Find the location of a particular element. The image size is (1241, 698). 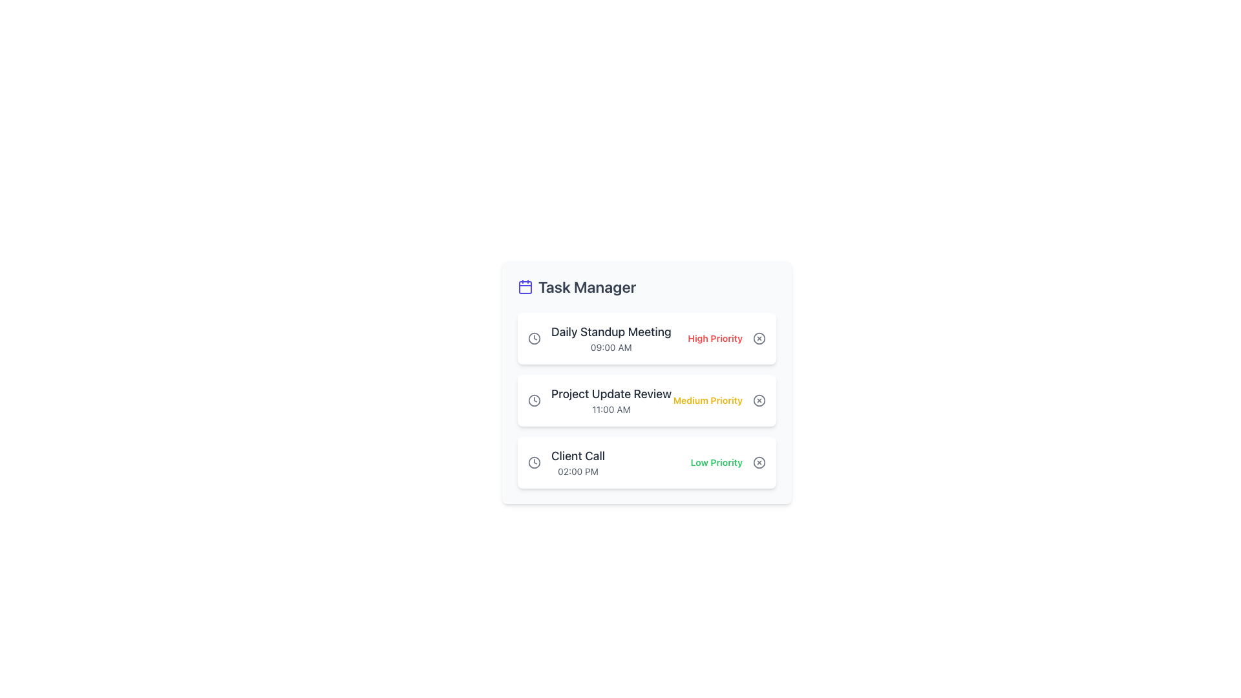

the clock icon with a circular border located at the beginning of the list item for 'Daily Standup Meeting', which is aligned with other icons in the layout is located at coordinates (534, 338).